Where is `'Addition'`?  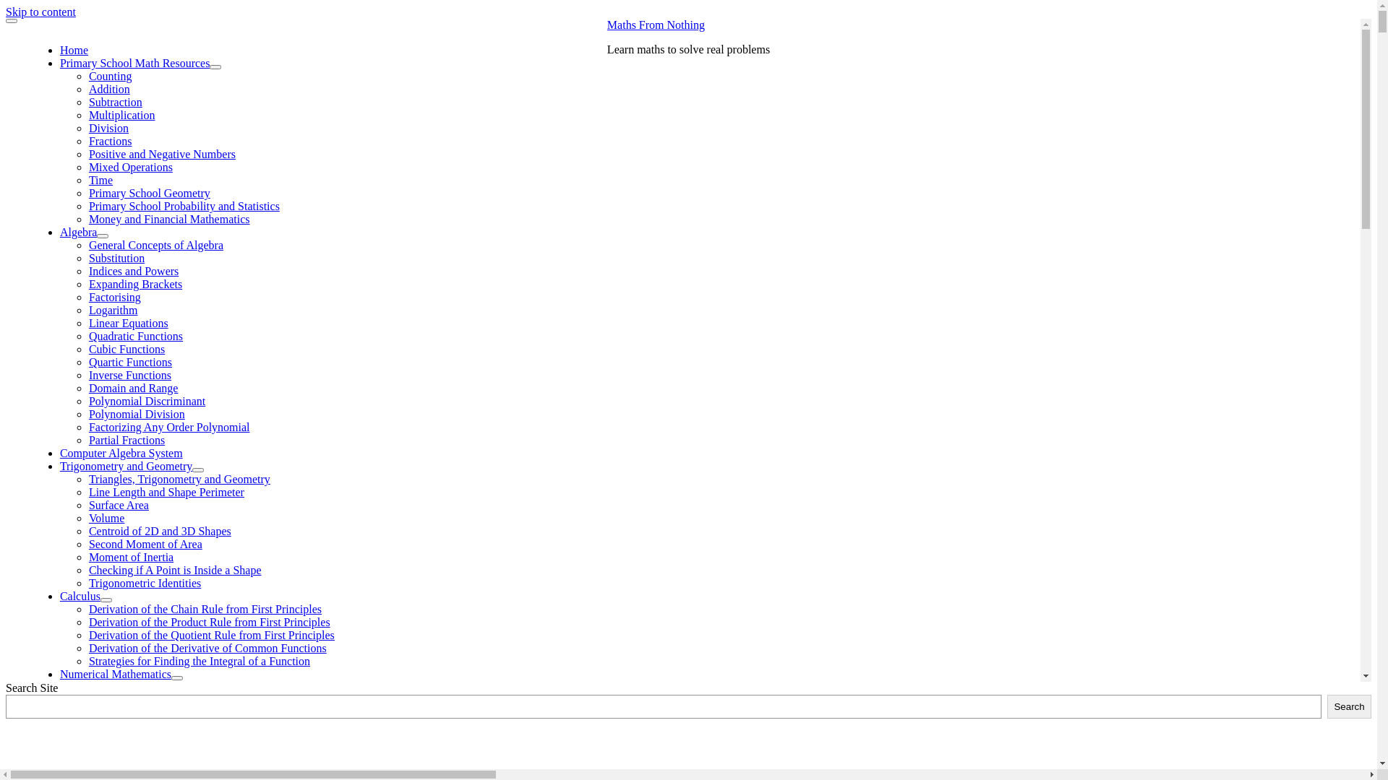
'Addition' is located at coordinates (88, 89).